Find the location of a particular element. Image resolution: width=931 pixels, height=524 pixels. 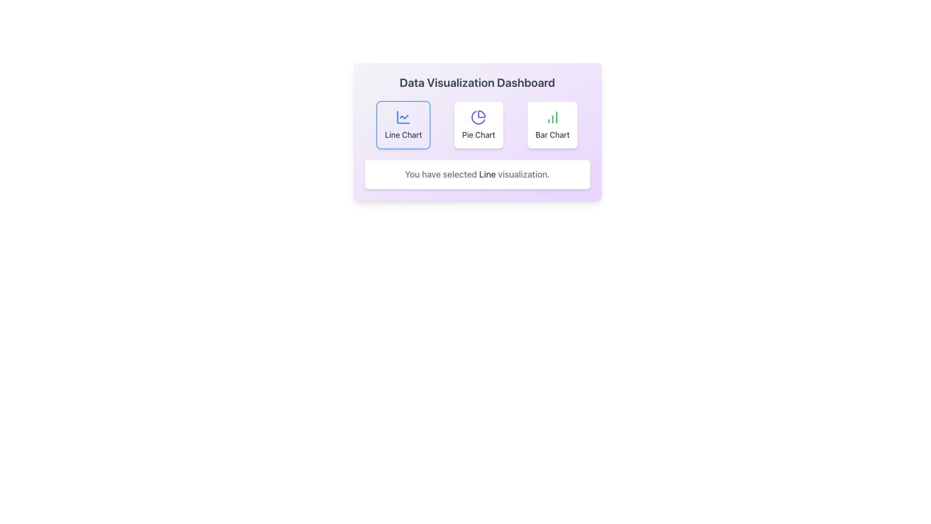

the blue line graph icon within the 'Line Chart' option on the dashboard to engage with it is located at coordinates (403, 117).